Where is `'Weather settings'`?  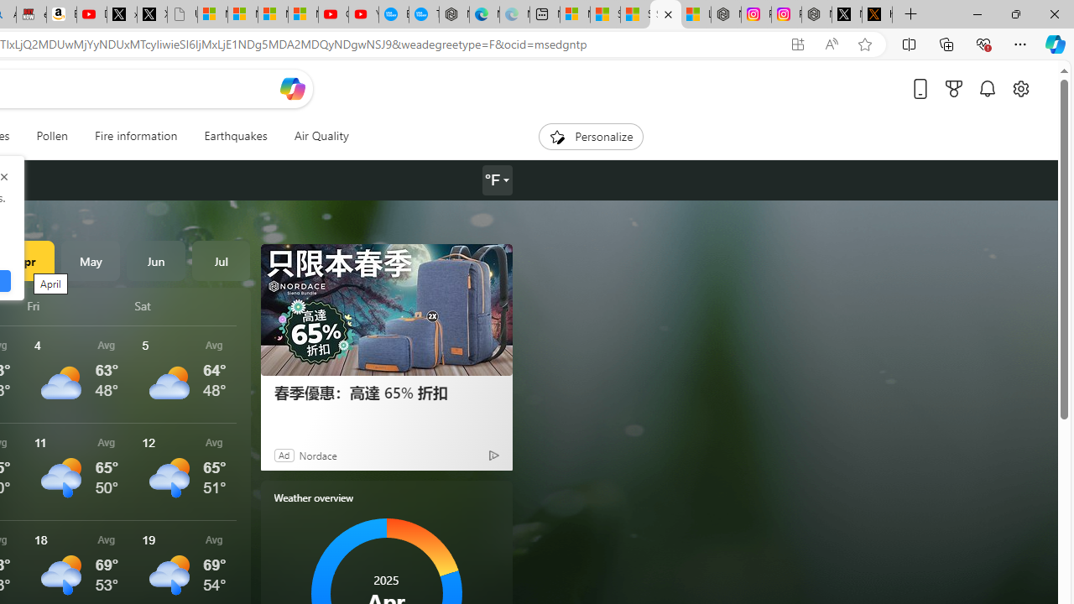 'Weather settings' is located at coordinates (496, 180).